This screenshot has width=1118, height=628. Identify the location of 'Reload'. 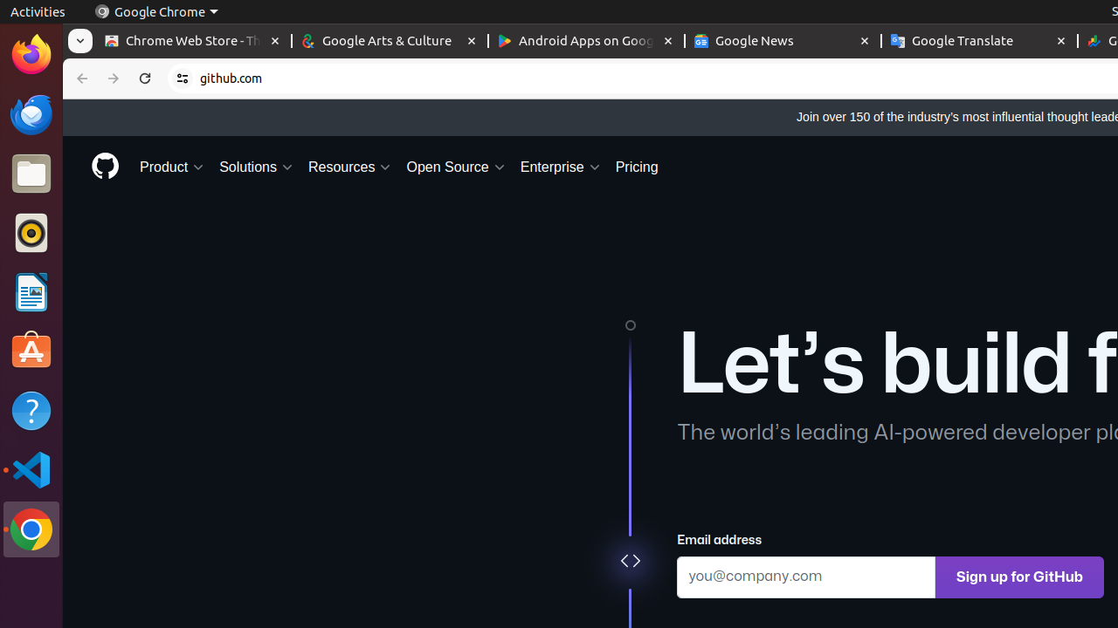
(145, 78).